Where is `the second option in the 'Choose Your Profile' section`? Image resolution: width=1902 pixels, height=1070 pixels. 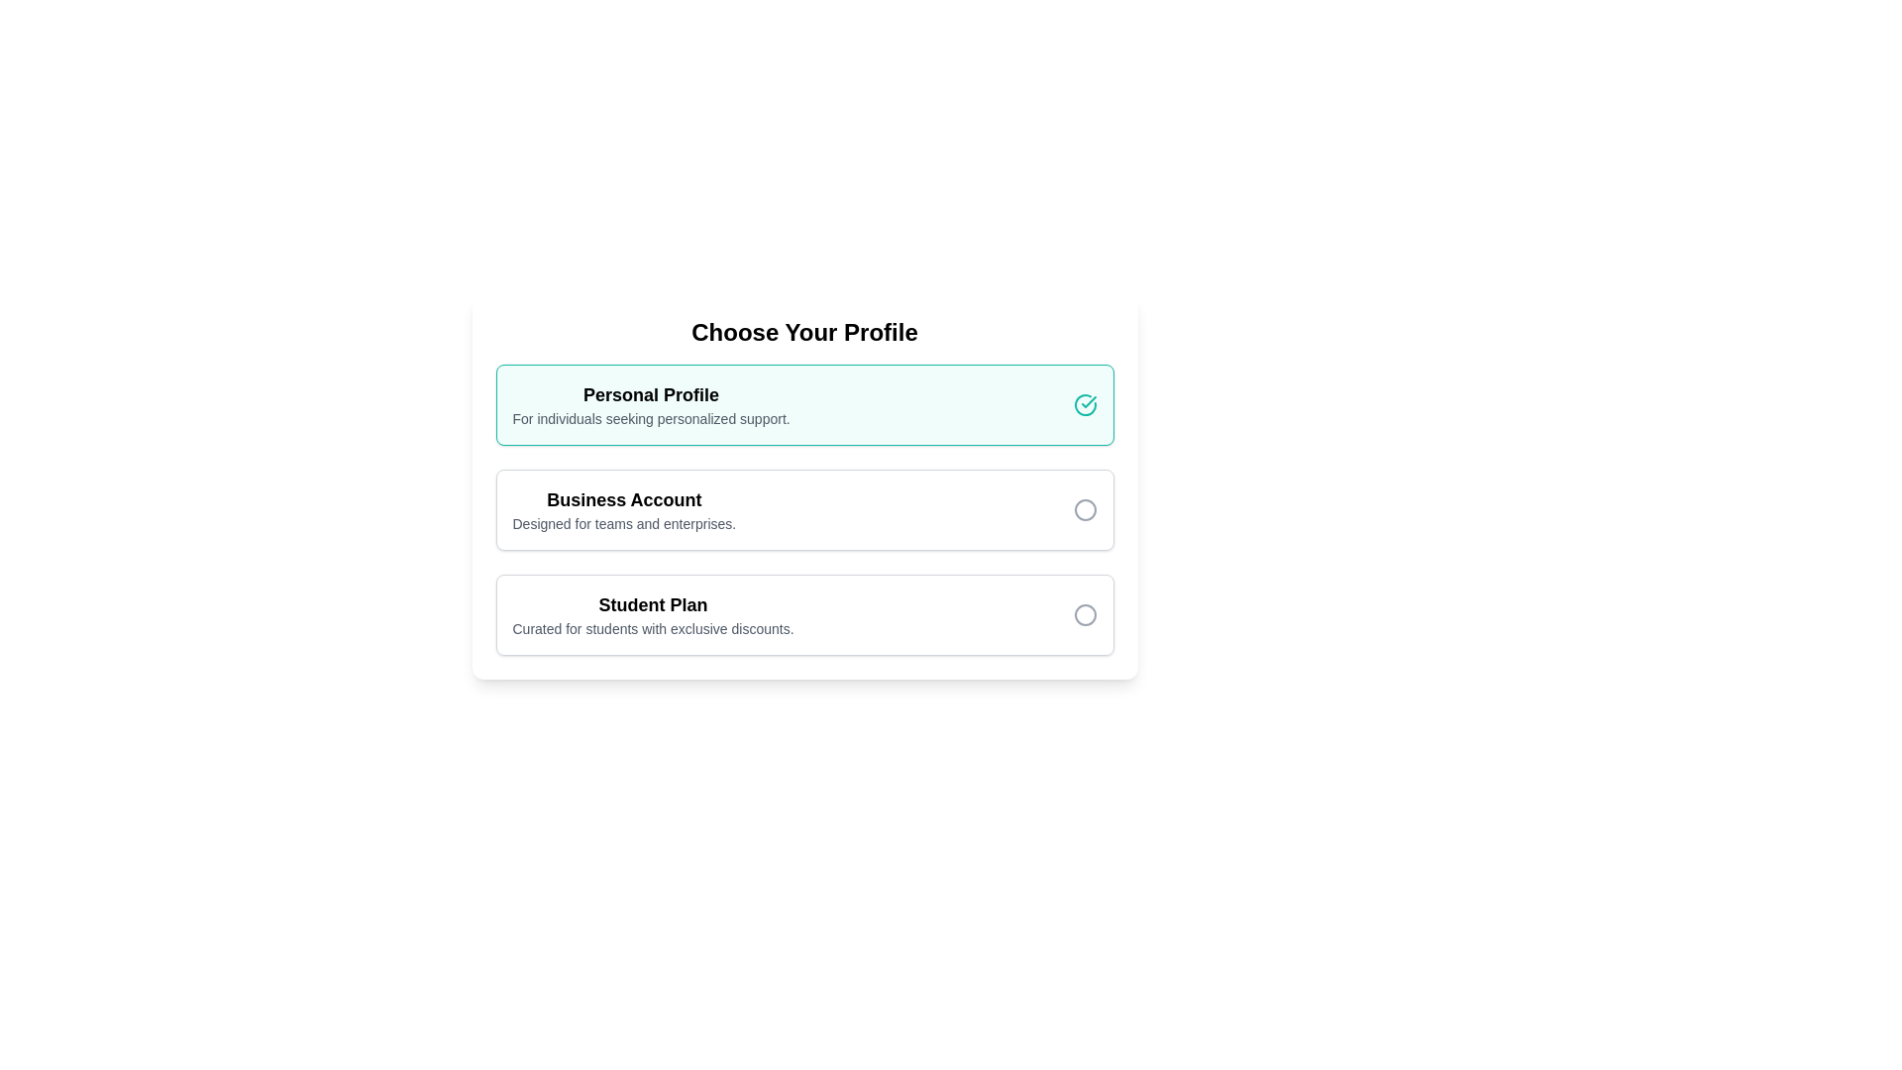
the second option in the 'Choose Your Profile' section is located at coordinates (804, 485).